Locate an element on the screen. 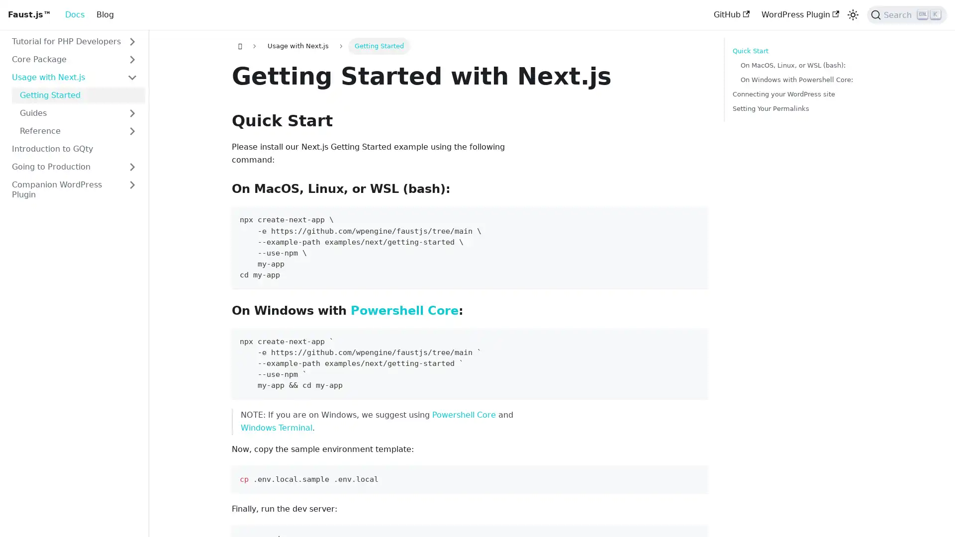  Switch between dark and light mode (currently light mode) is located at coordinates (852, 15).